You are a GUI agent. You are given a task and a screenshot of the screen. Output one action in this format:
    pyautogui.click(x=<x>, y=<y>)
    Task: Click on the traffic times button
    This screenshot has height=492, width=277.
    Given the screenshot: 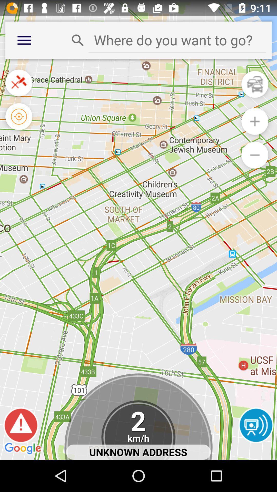 What is the action you would take?
    pyautogui.click(x=255, y=84)
    